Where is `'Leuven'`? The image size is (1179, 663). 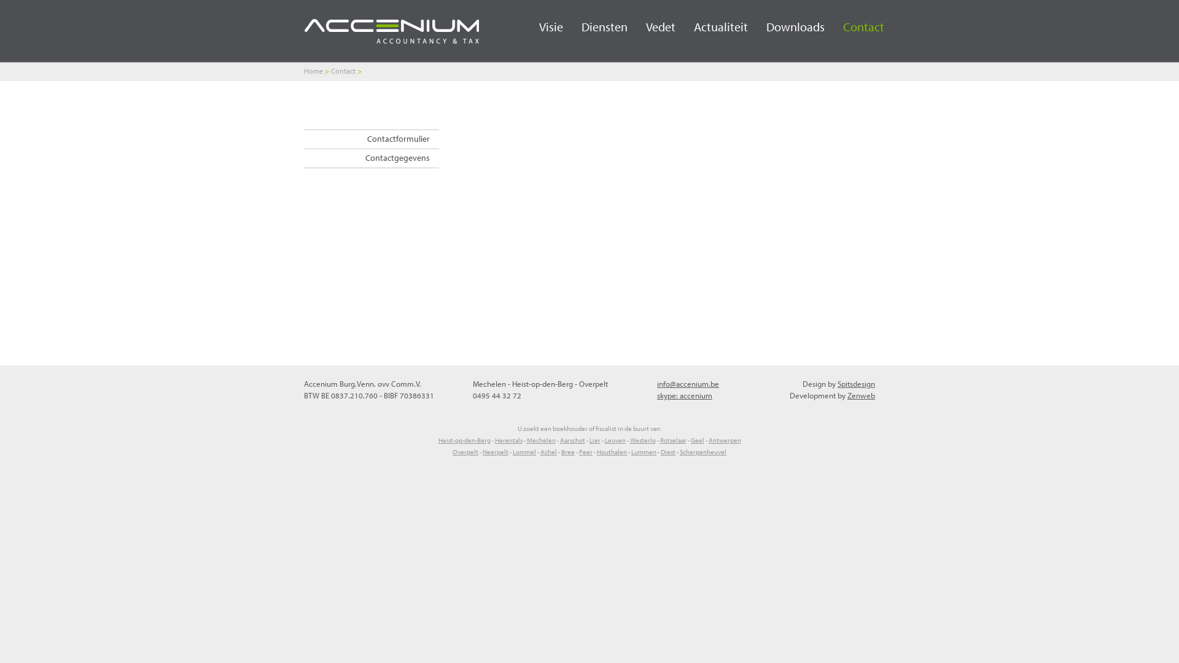
'Leuven' is located at coordinates (615, 440).